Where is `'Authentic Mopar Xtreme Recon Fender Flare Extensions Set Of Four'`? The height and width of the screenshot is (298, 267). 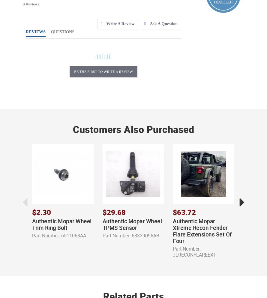
'Authentic Mopar Xtreme Recon Fender Flare Extensions Set Of Four' is located at coordinates (202, 230).